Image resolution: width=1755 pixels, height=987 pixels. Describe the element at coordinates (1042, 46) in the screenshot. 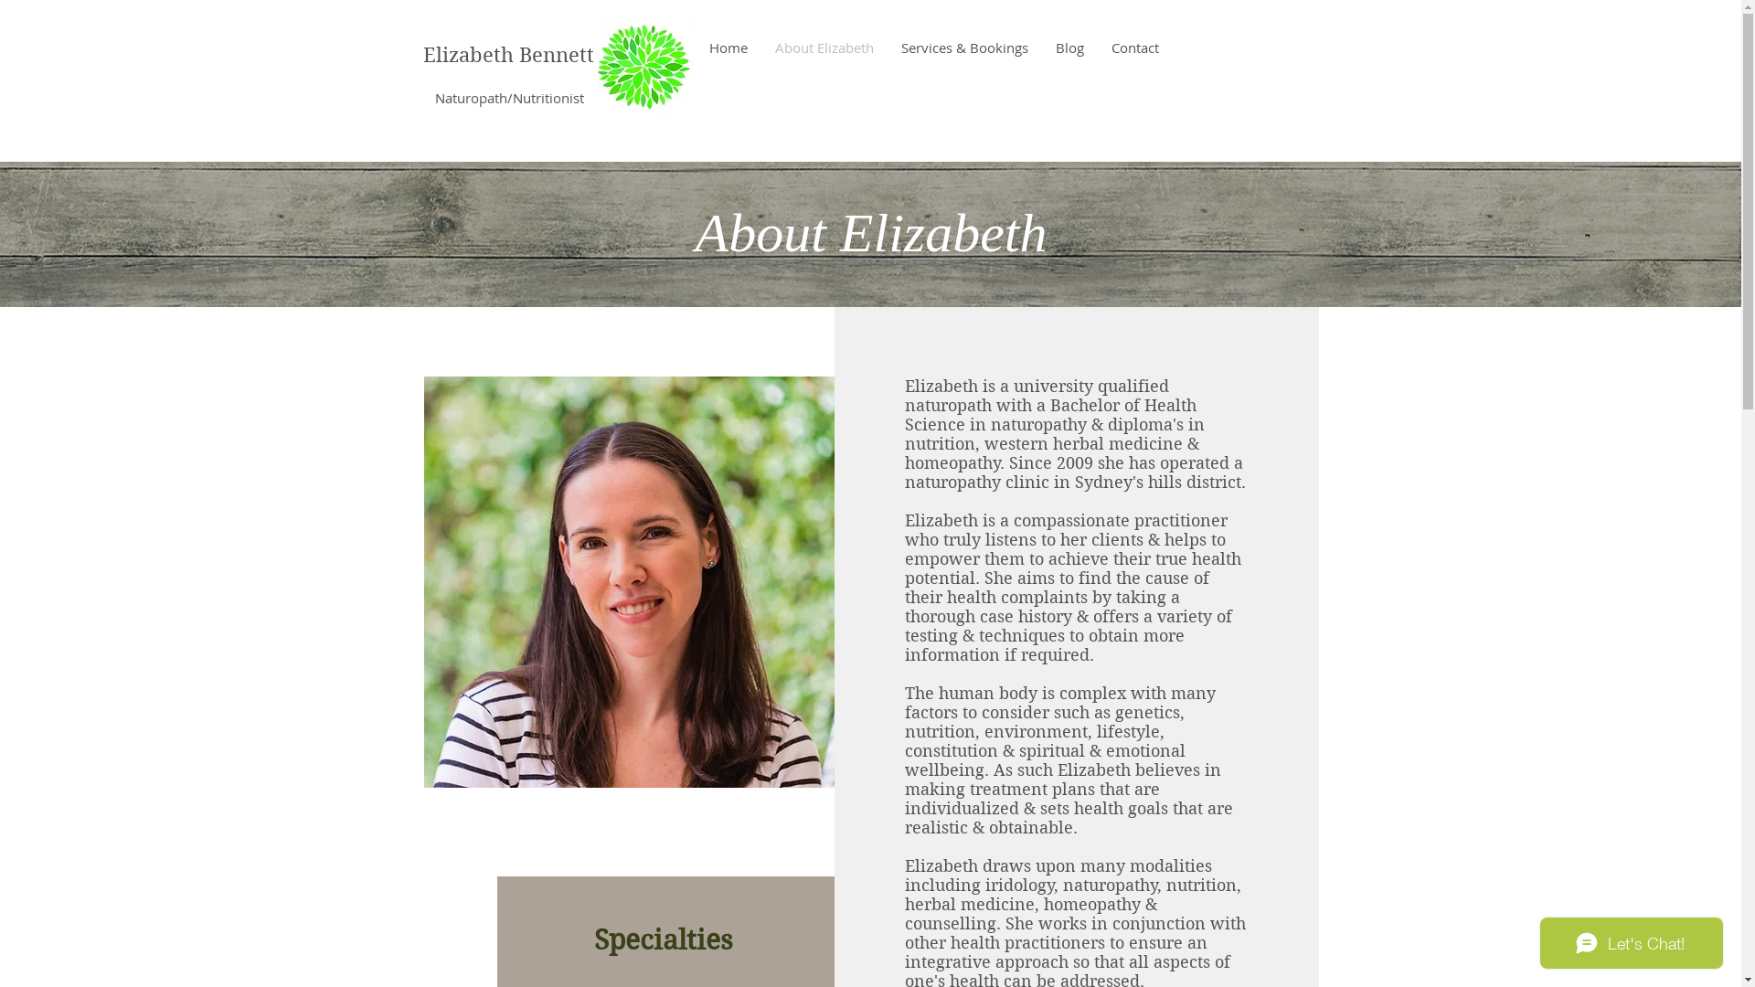

I see `'Blog'` at that location.